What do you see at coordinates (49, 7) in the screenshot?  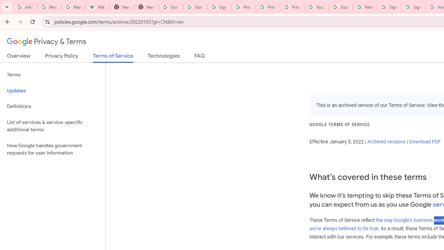 I see `'Personalization & Google Search results - Google Search Help'` at bounding box center [49, 7].